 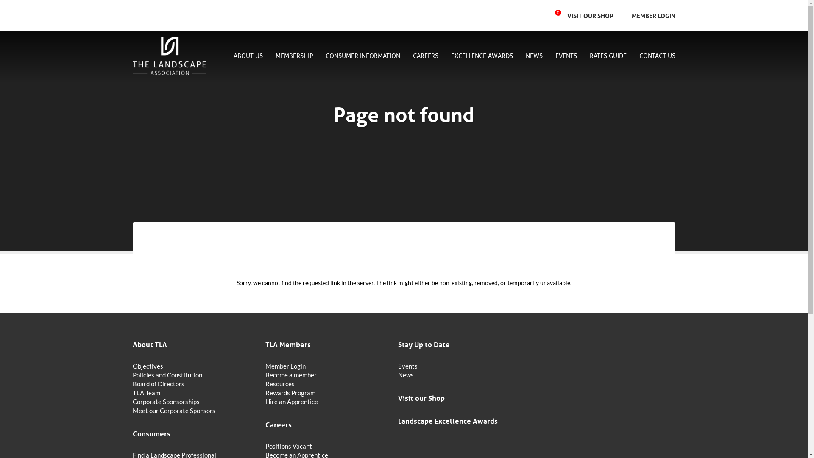 I want to click on 'Events', so click(x=459, y=366).